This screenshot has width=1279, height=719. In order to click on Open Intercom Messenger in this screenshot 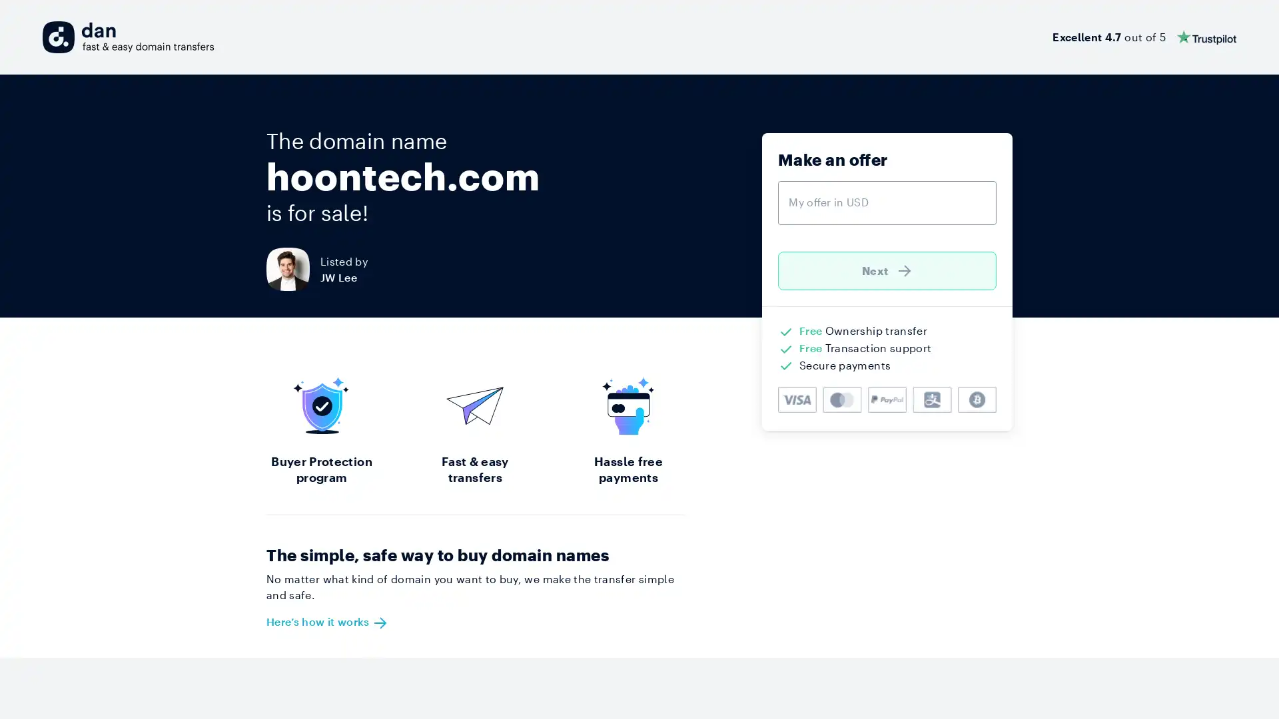, I will do `click(1245, 685)`.